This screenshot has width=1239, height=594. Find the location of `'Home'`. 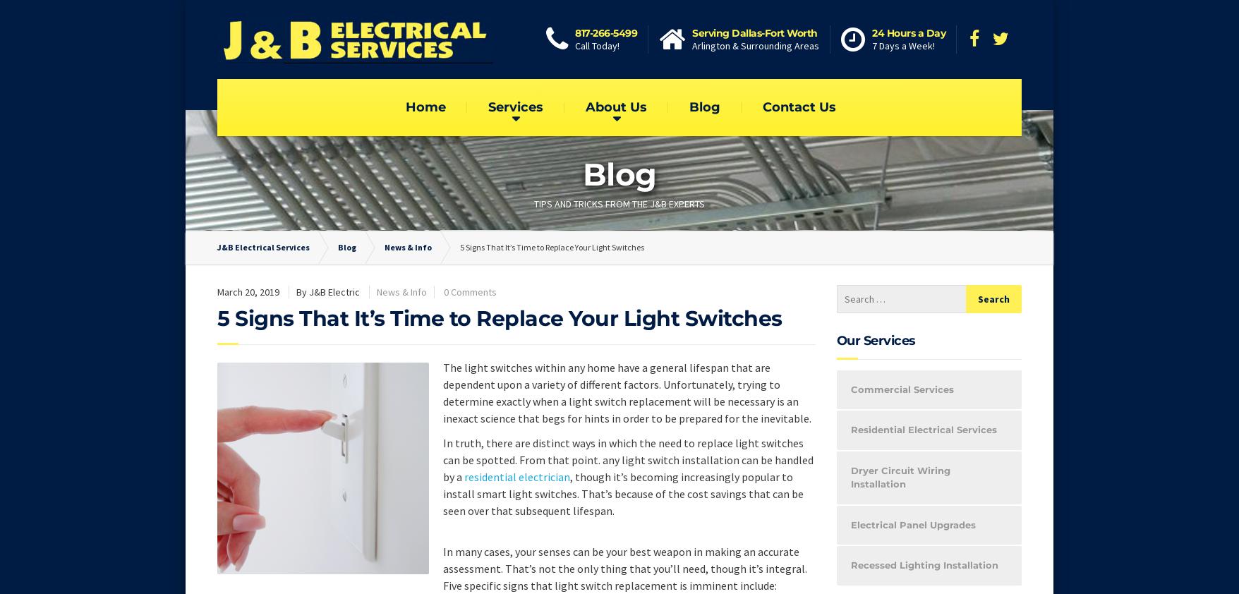

'Home' is located at coordinates (425, 106).